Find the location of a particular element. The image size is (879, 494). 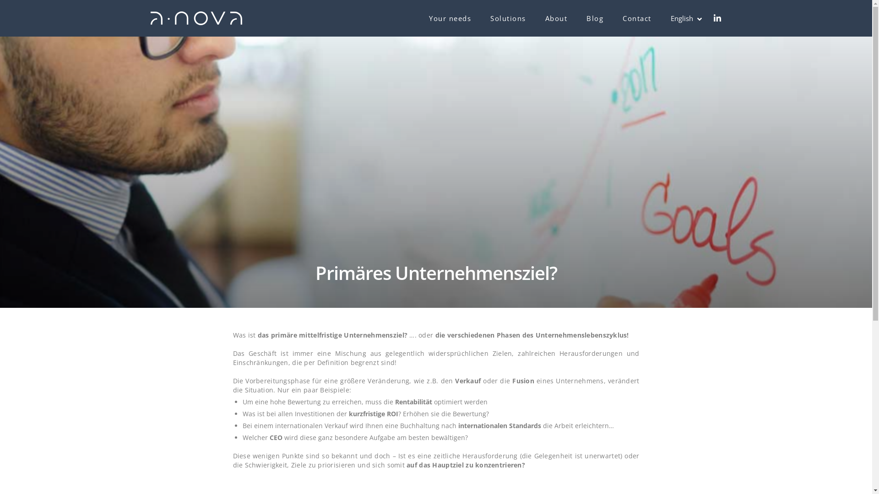

'Home' is located at coordinates (306, 314).